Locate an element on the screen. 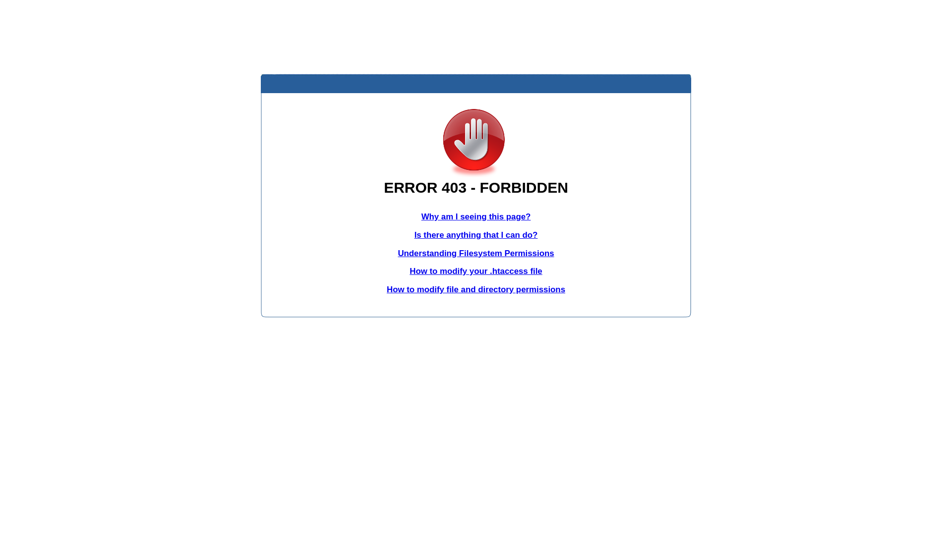  'How to modify file and directory permissions' is located at coordinates (476, 289).